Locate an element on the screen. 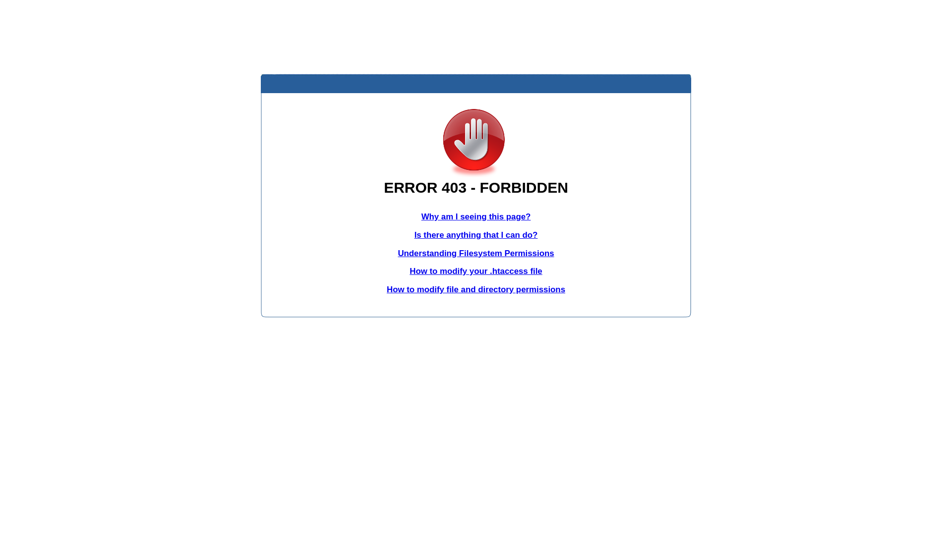  'How to modify file and directory permissions' is located at coordinates (476, 289).